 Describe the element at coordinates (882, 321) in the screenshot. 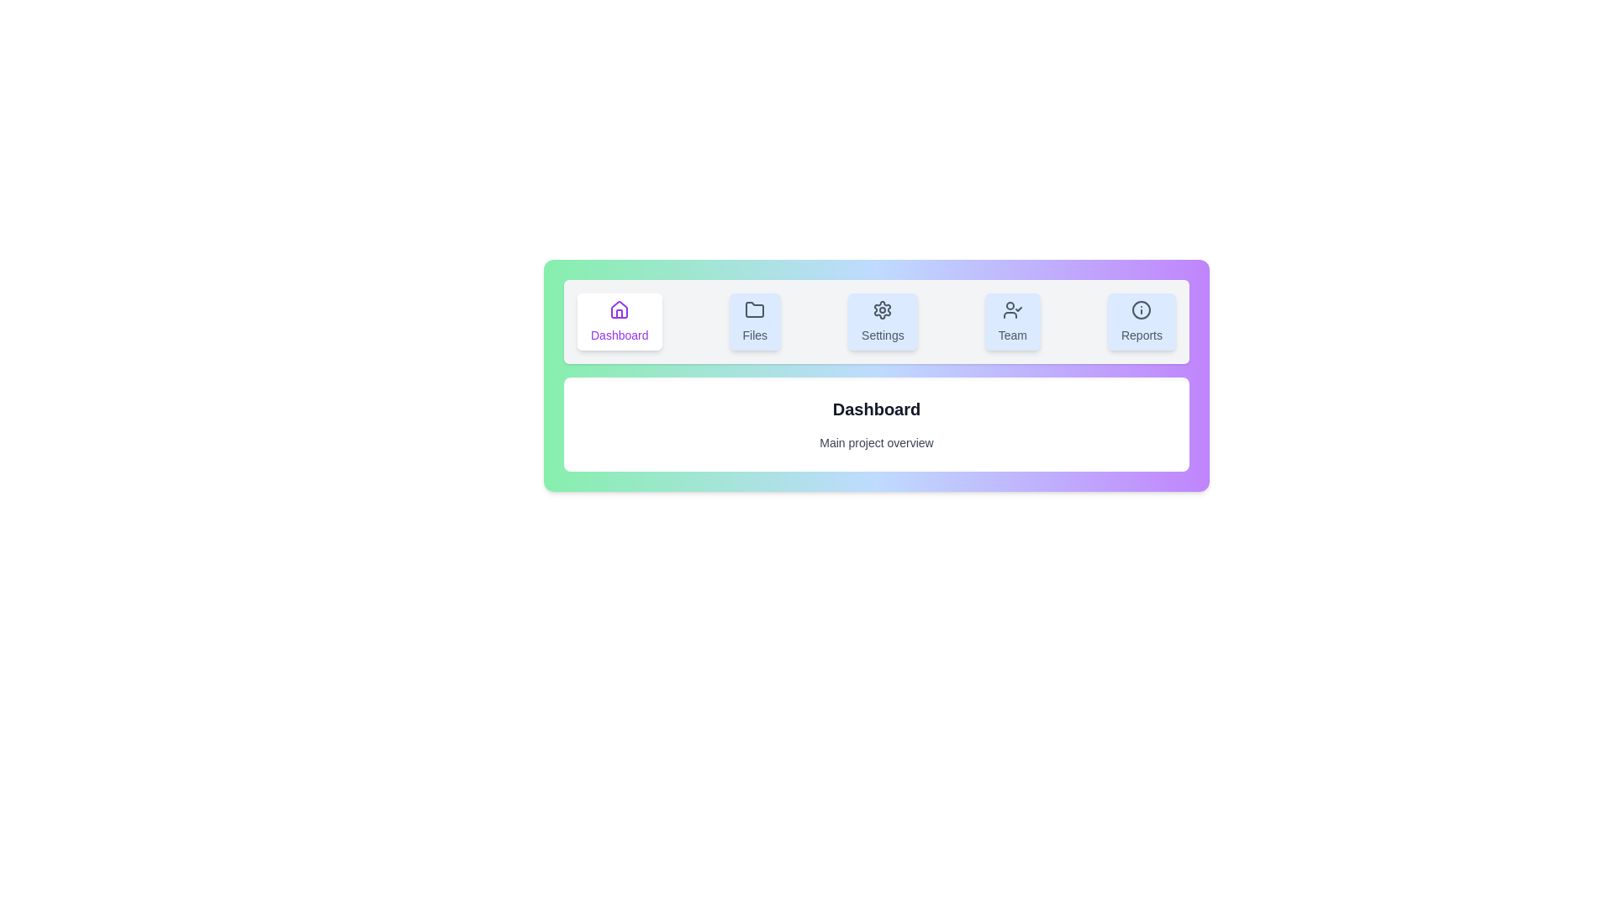

I see `the tab labeled Settings to observe the visual feedback` at that location.